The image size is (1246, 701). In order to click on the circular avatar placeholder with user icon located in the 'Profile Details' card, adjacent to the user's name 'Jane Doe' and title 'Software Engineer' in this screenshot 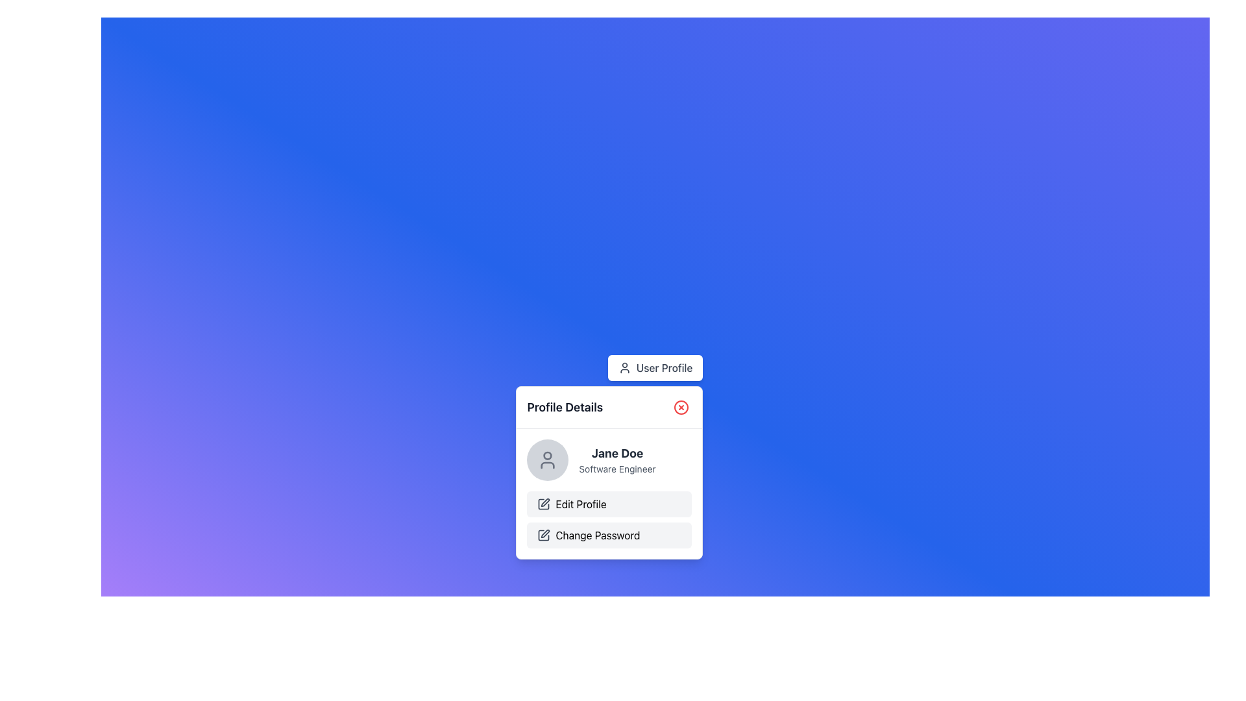, I will do `click(548, 460)`.